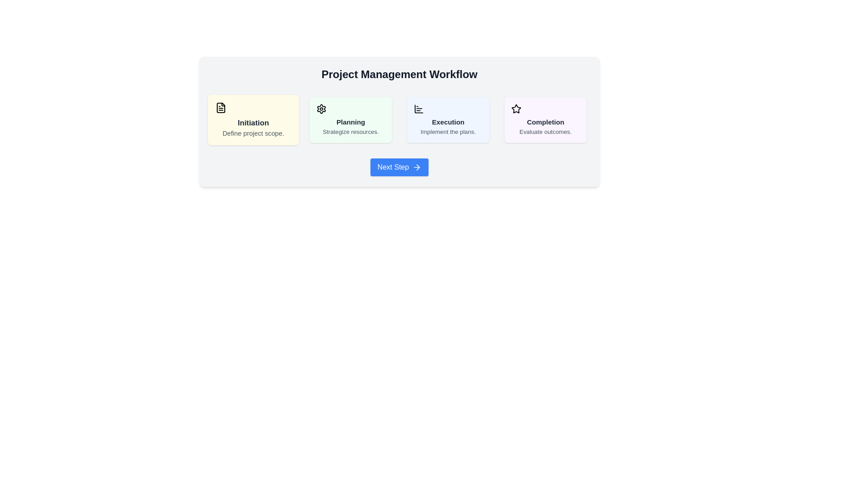 Image resolution: width=858 pixels, height=482 pixels. Describe the element at coordinates (350, 131) in the screenshot. I see `the text label reading 'Strategize resources.' which is styled in a smaller gray font and positioned below the title 'Planning' within the greenish background card` at that location.